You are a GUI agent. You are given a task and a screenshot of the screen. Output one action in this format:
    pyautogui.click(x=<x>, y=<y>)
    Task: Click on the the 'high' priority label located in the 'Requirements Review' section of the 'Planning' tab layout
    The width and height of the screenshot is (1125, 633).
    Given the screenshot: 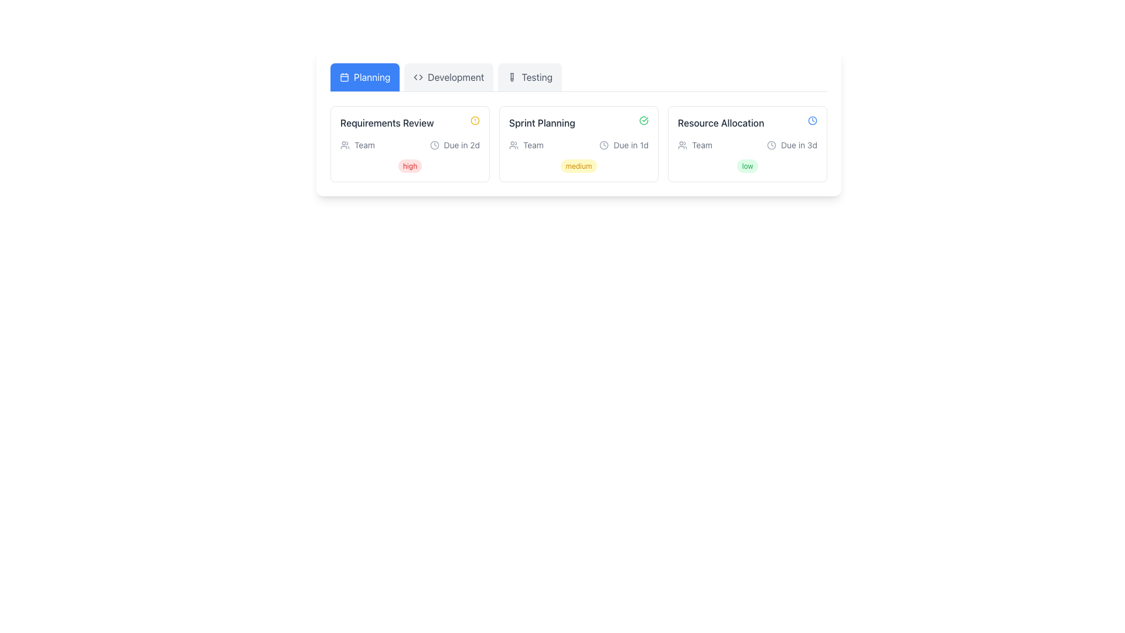 What is the action you would take?
    pyautogui.click(x=410, y=166)
    